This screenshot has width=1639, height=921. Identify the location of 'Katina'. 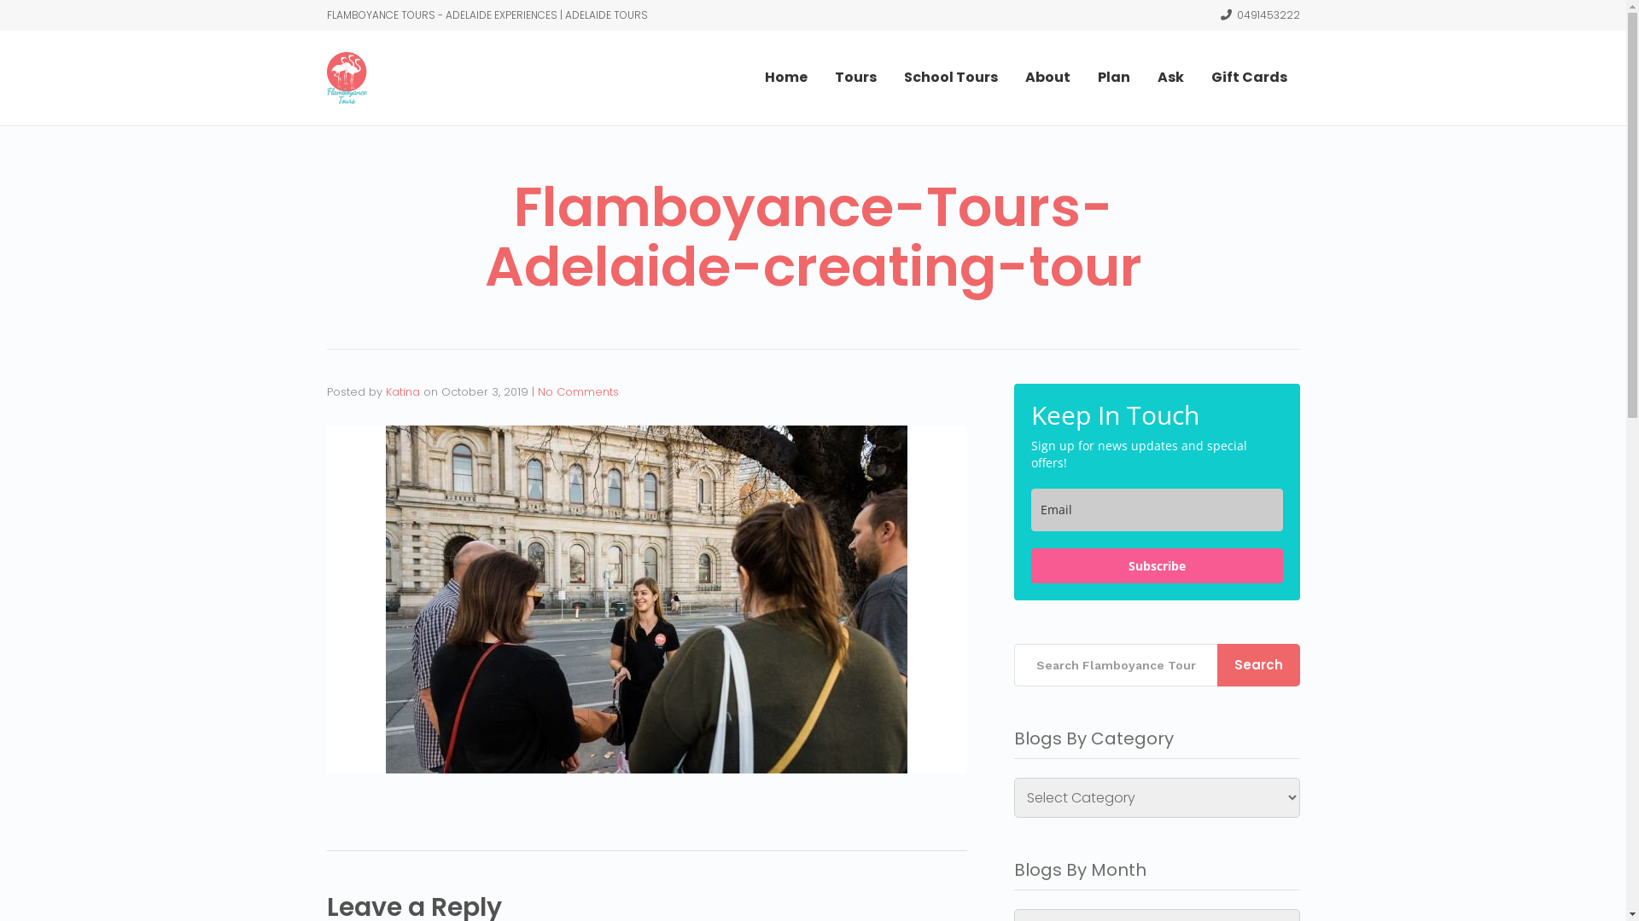
(401, 391).